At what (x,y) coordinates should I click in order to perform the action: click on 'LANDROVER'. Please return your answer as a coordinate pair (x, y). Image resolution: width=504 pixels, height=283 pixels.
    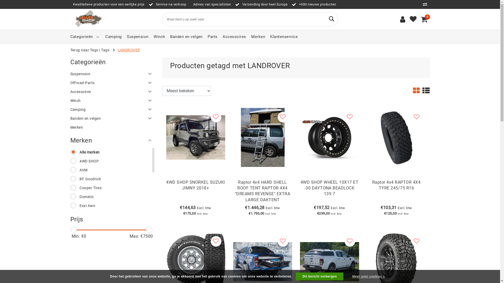
    Looking at the image, I should click on (129, 50).